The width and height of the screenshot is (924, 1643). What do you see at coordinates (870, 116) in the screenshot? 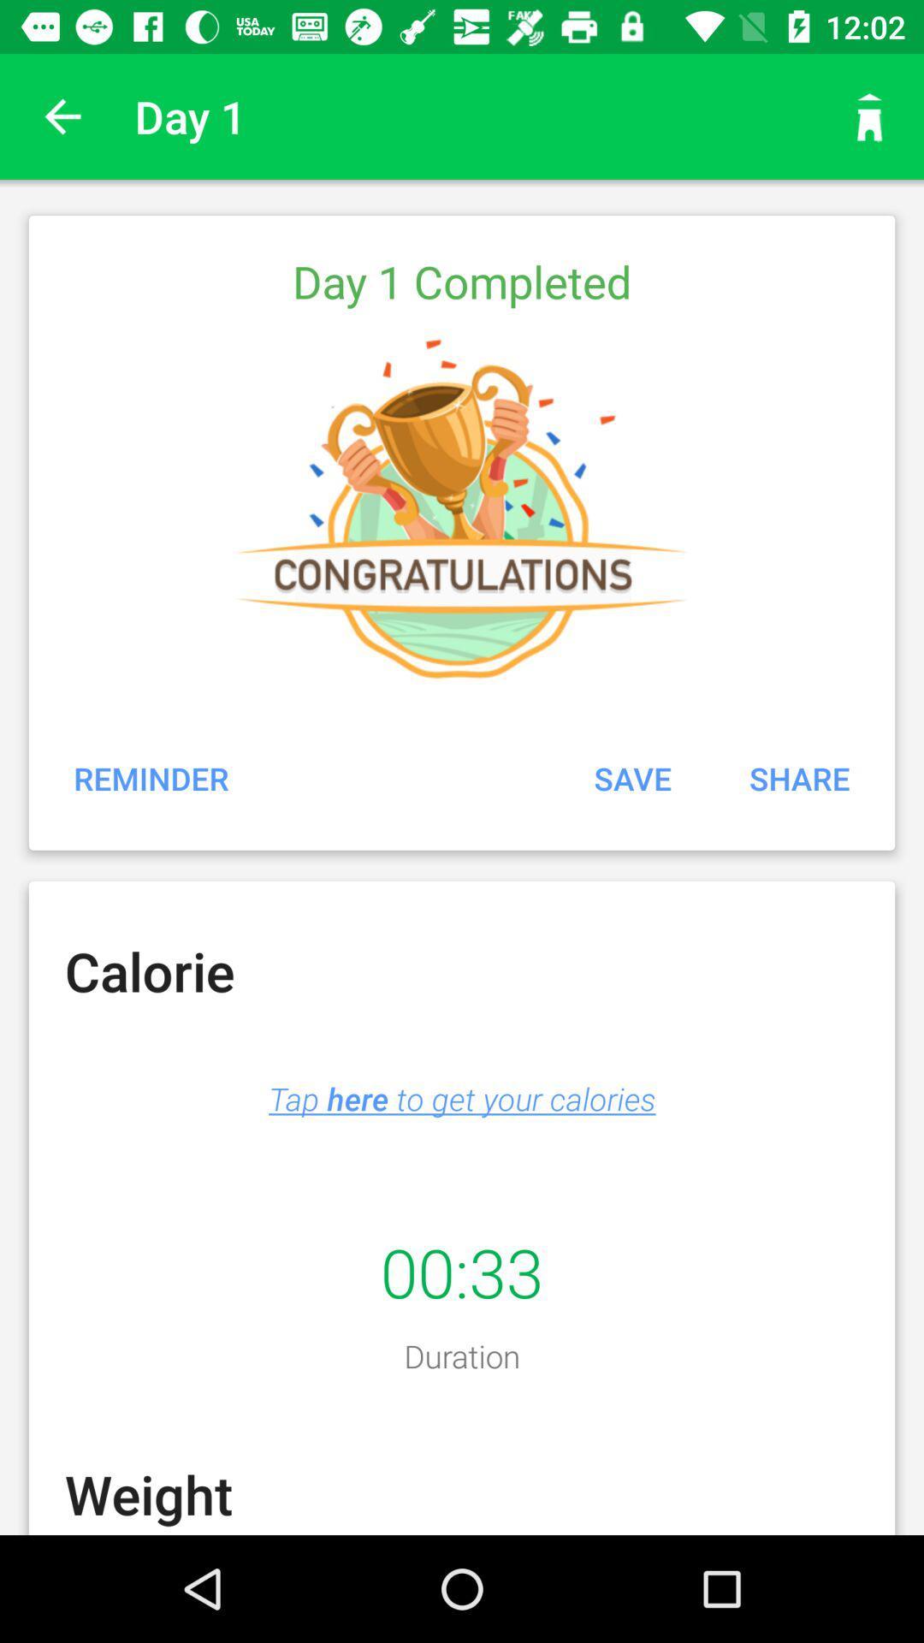
I see `go home` at bounding box center [870, 116].